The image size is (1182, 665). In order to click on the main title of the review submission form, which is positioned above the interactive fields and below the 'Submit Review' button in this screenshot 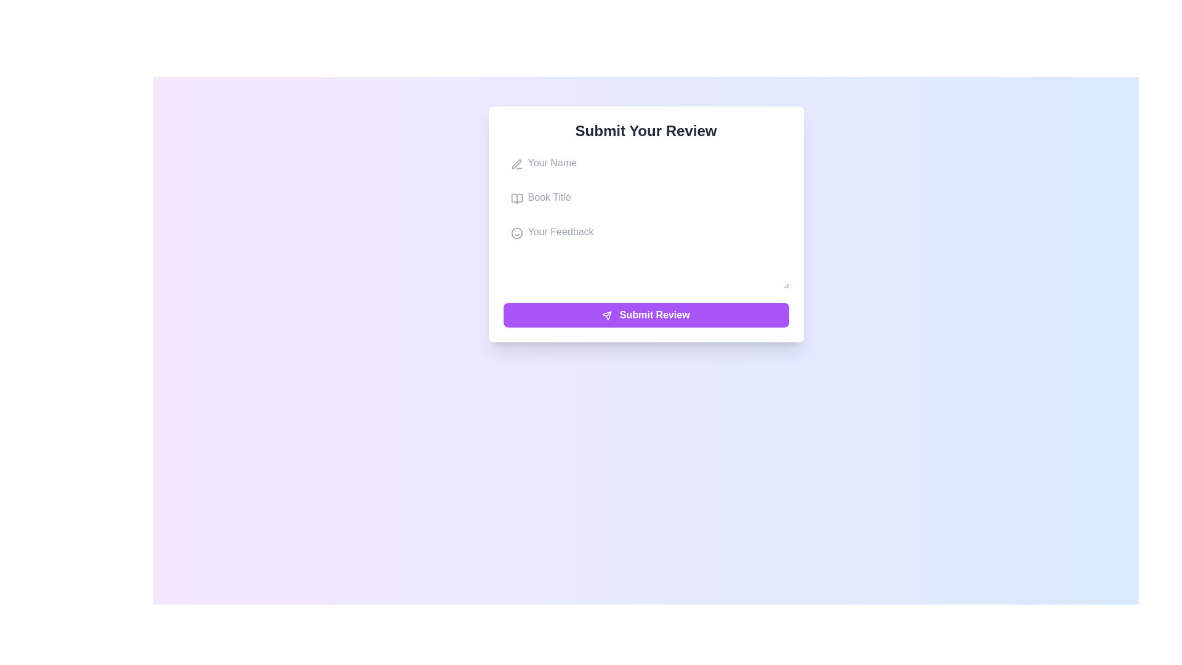, I will do `click(645, 131)`.